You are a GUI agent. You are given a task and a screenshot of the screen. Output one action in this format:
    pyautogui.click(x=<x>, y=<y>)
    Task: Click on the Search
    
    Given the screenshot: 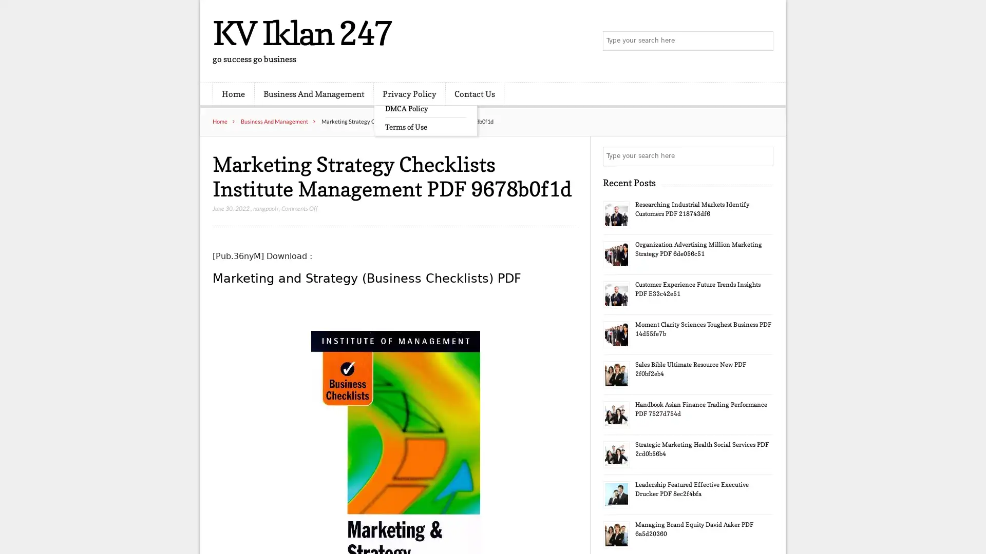 What is the action you would take?
    pyautogui.click(x=763, y=41)
    